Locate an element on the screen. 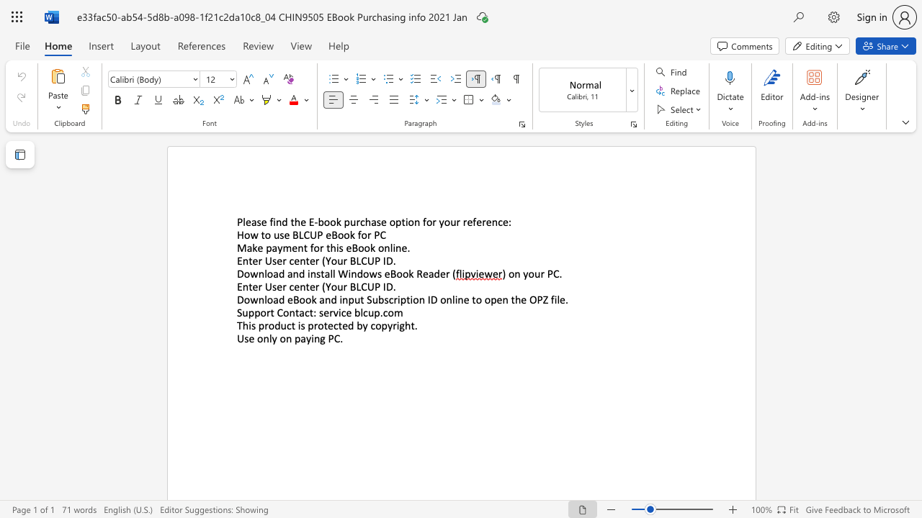 The height and width of the screenshot is (518, 922). the subset text "ice" within the text "Support Contact: service" is located at coordinates (338, 312).